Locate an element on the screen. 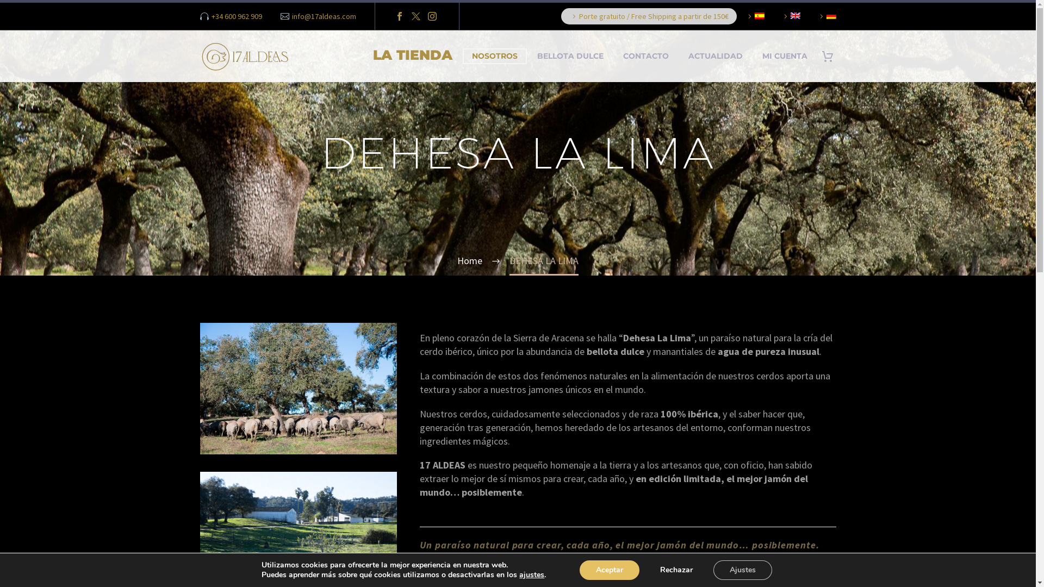 This screenshot has width=1044, height=587. 'Home' is located at coordinates (470, 260).